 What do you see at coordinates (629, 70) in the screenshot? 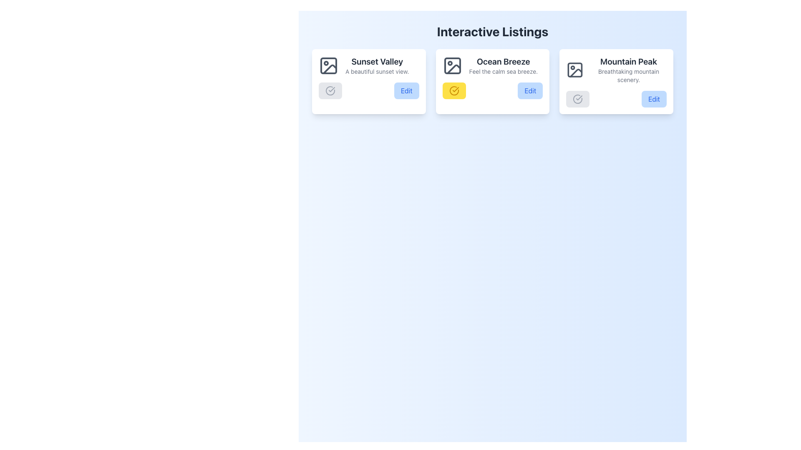
I see `the text block titled 'Mountain Peak', which is located in the upper portion of the rightmost card in the 'Interactive Listings' section` at bounding box center [629, 70].